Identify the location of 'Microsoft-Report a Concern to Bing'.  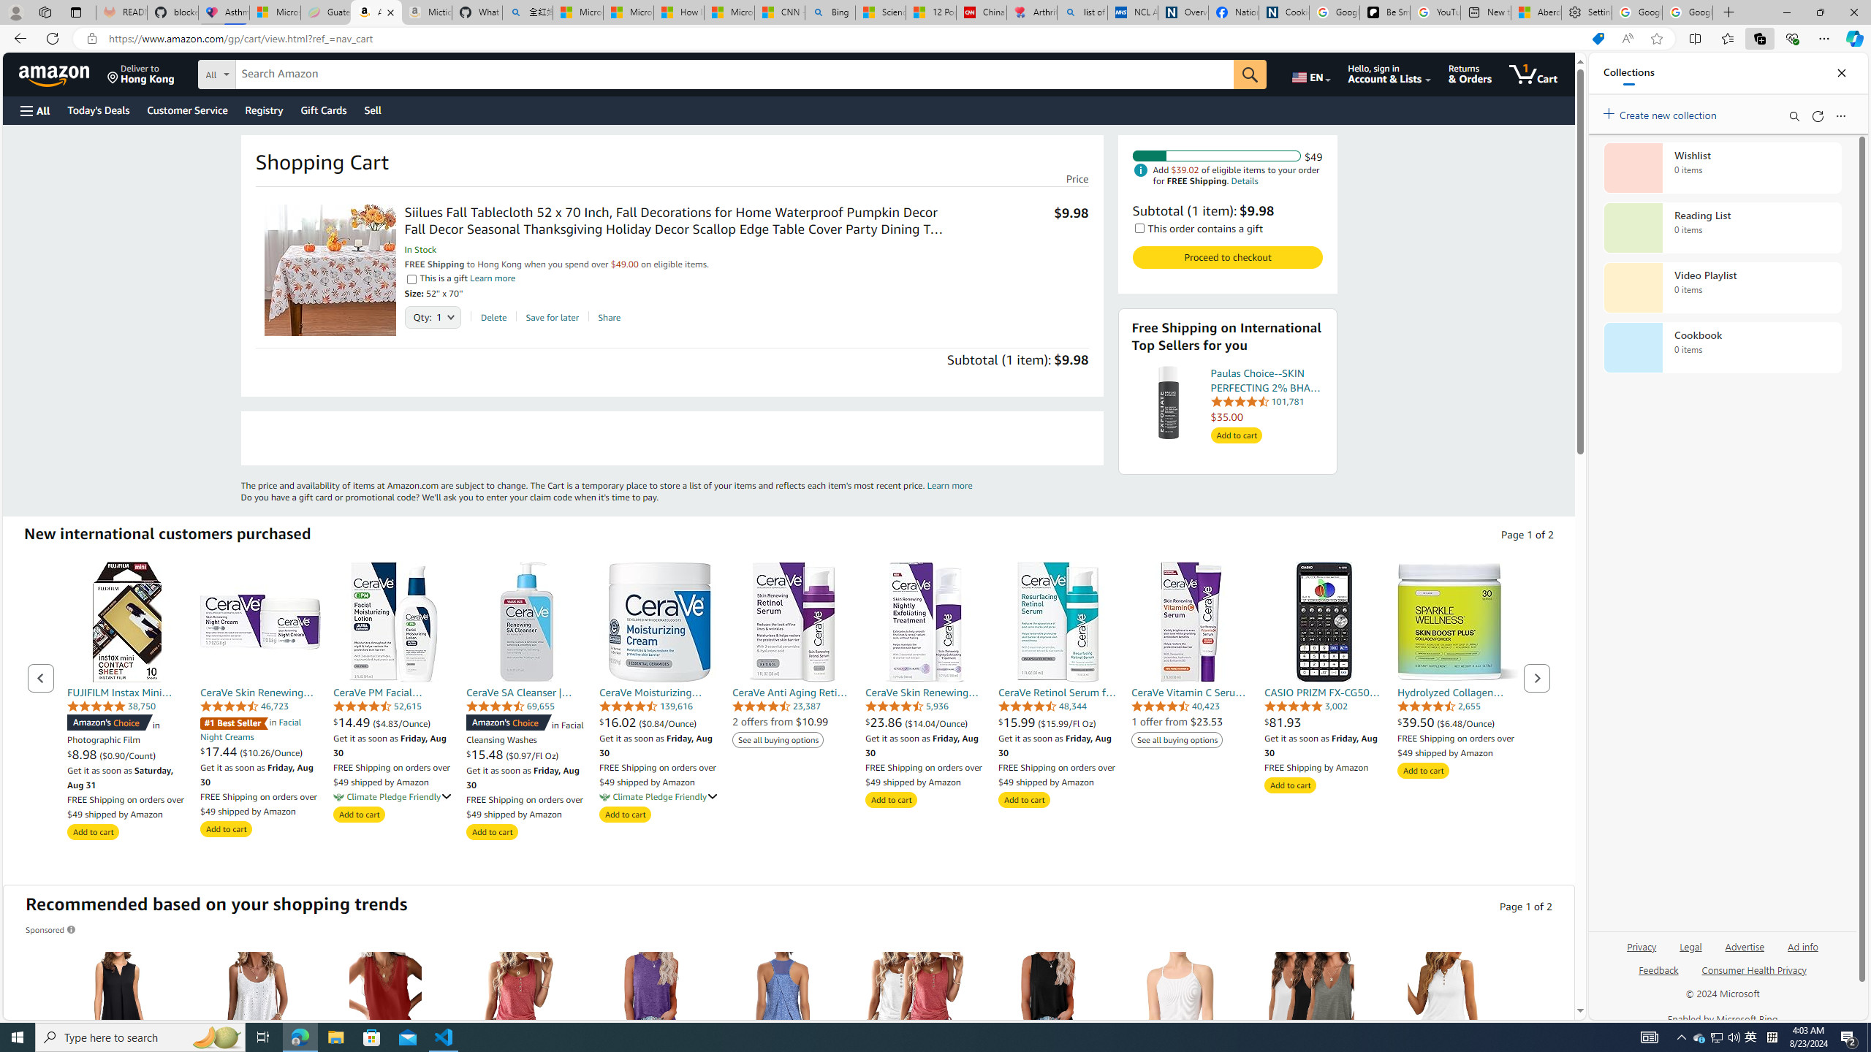
(274, 12).